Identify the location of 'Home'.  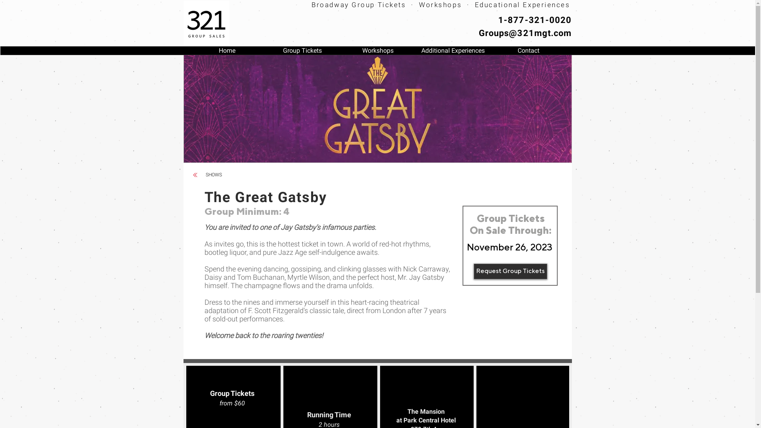
(226, 53).